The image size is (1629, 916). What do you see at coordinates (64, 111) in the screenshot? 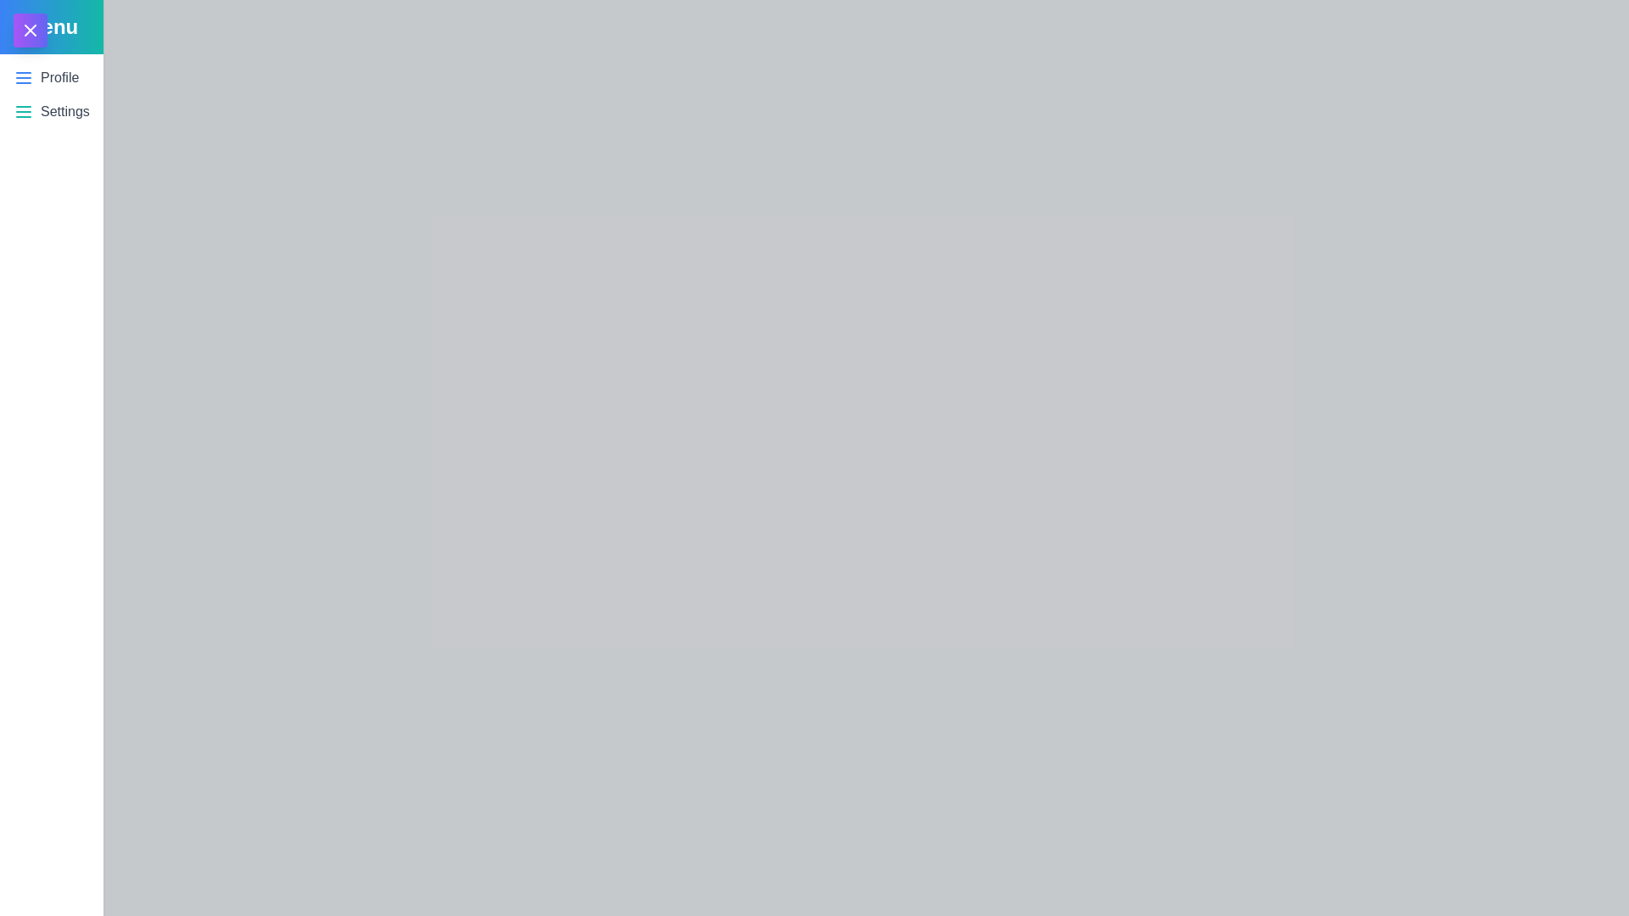
I see `the 'Settings' button to select it` at bounding box center [64, 111].